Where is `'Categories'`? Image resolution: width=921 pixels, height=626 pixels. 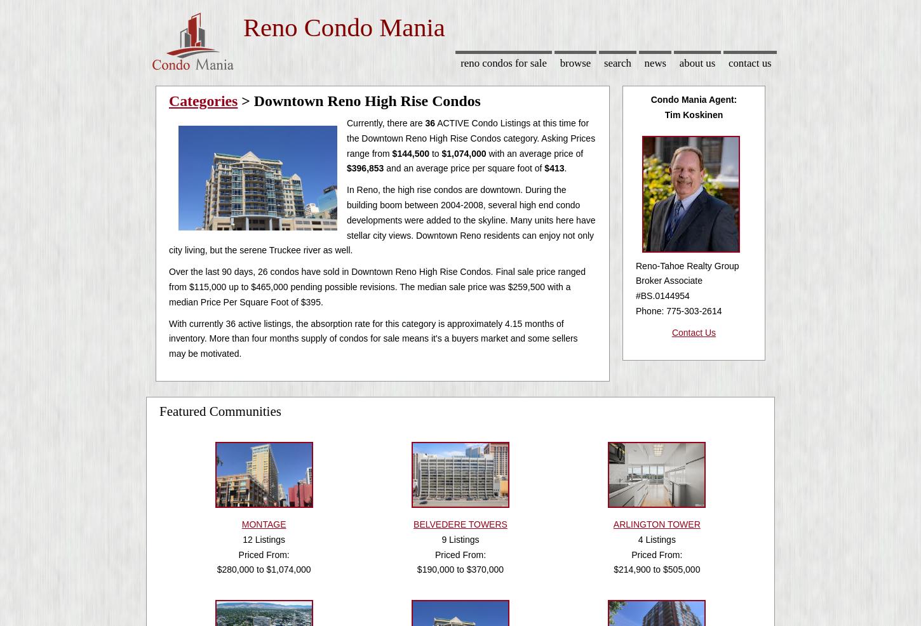 'Categories' is located at coordinates (168, 101).